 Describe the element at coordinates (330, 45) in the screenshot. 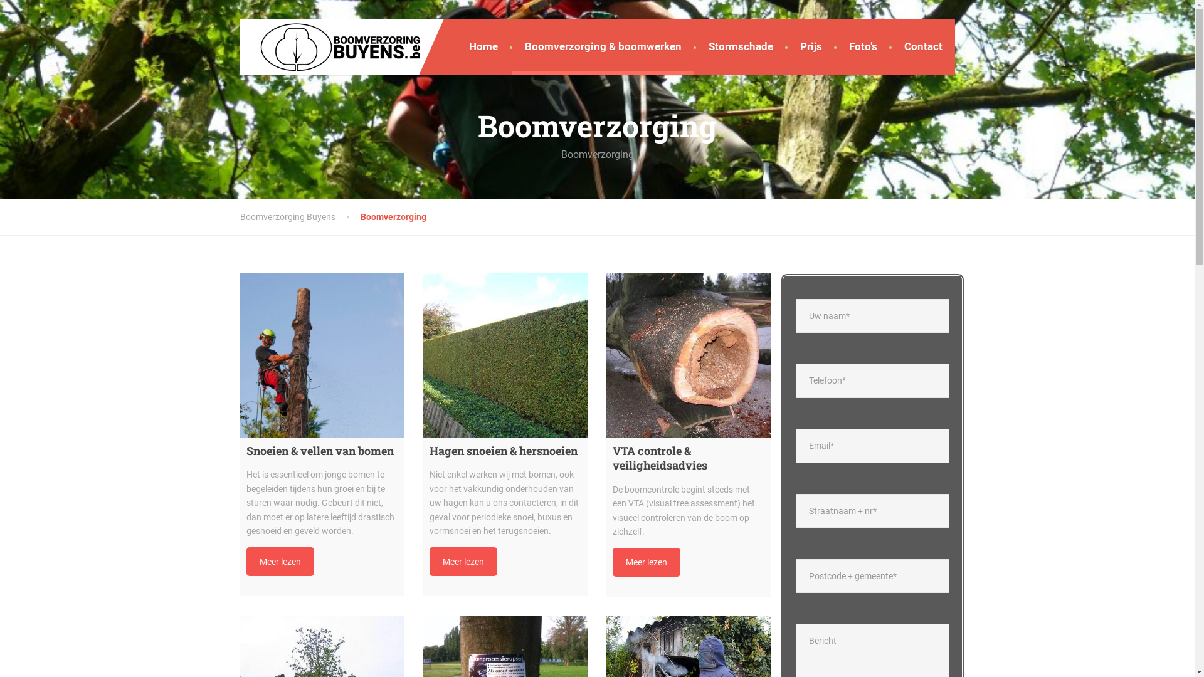

I see `'Boomverzorging Buyens'` at that location.